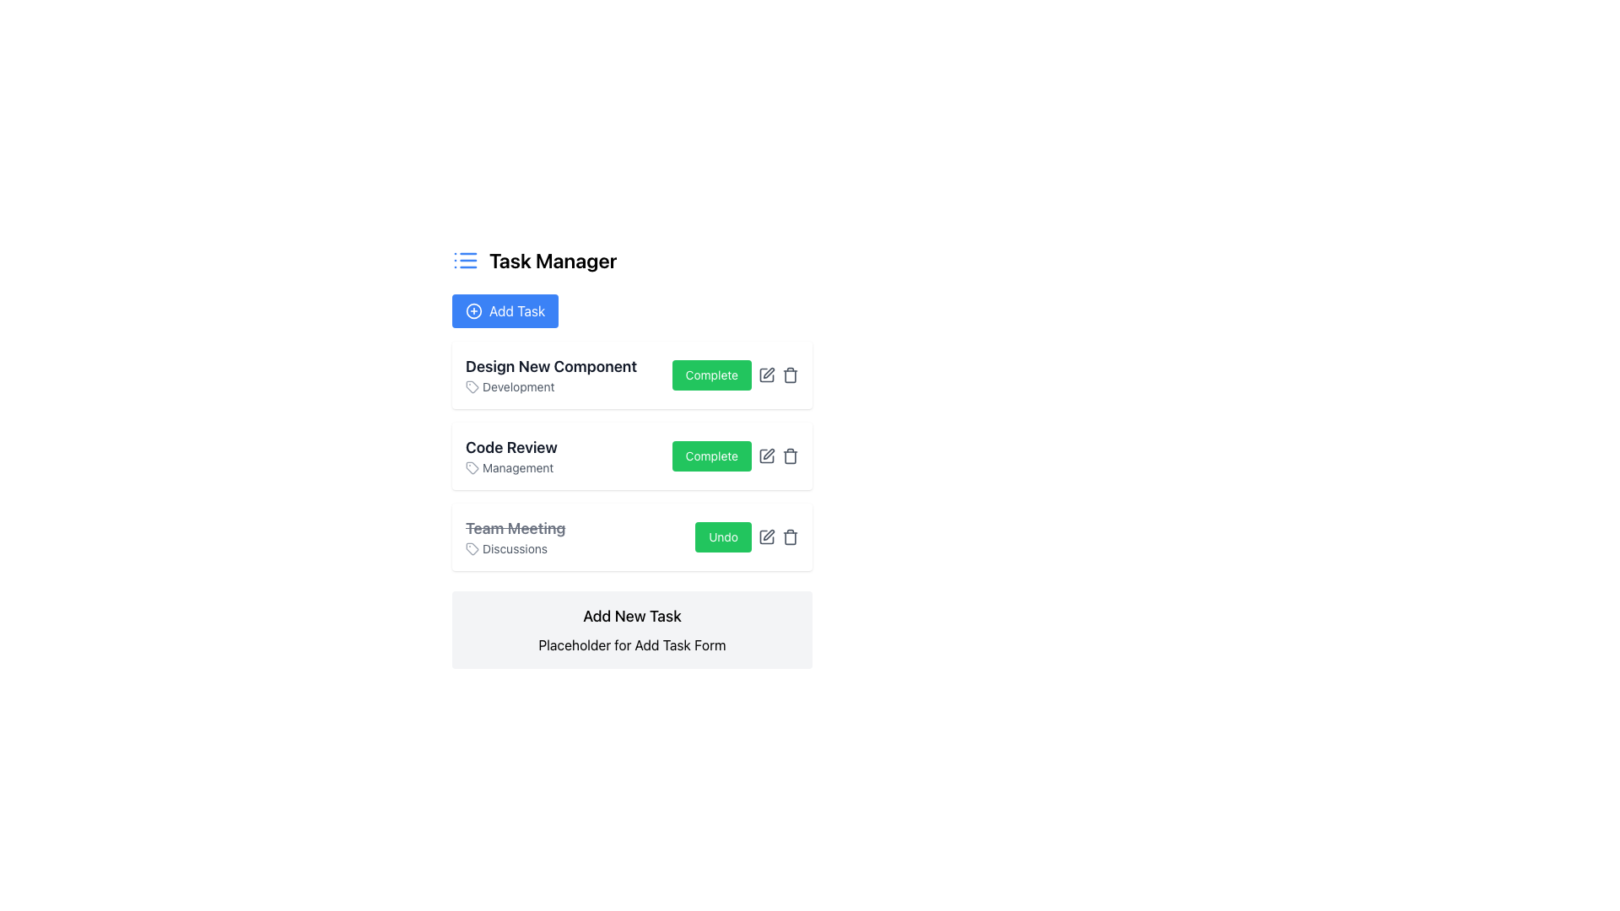 The height and width of the screenshot is (911, 1620). Describe the element at coordinates (765, 536) in the screenshot. I see `the editing button for the 'Team Meeting' task, located to the right of the 'Undo' button in the Task Manager` at that location.